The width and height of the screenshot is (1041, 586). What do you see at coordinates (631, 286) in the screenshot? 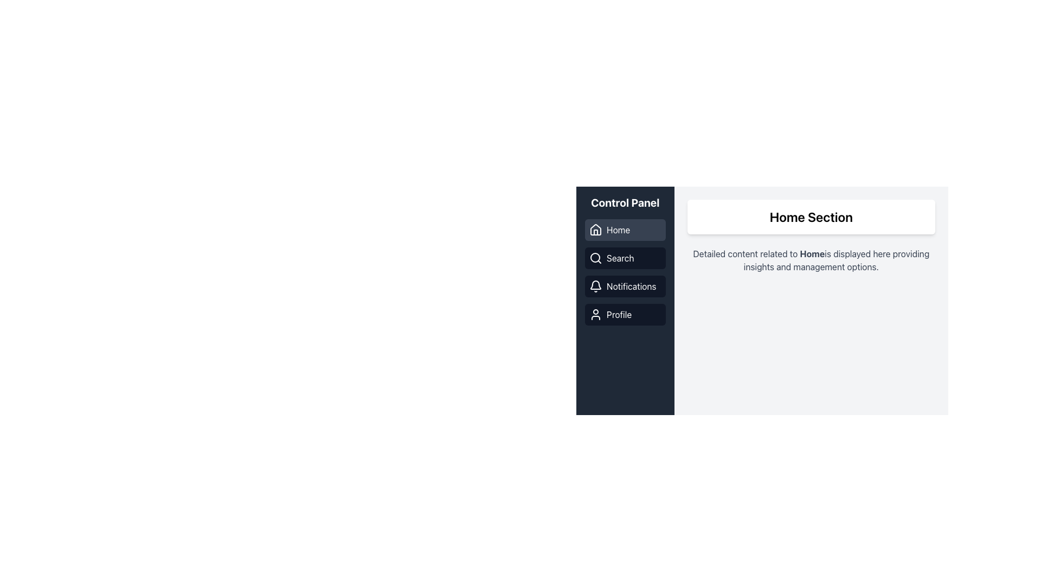
I see `the 'Notifications' text label in the vertical navigation menu` at bounding box center [631, 286].